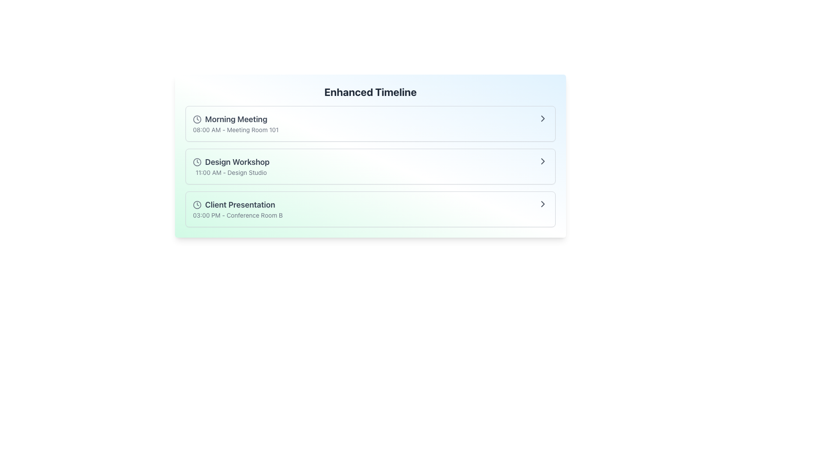 The width and height of the screenshot is (838, 471). Describe the element at coordinates (542, 161) in the screenshot. I see `the rightward chevron-shaped icon located at the far right of the list item 'Design Workshop - 11:00 AM - Design Studio'` at that location.